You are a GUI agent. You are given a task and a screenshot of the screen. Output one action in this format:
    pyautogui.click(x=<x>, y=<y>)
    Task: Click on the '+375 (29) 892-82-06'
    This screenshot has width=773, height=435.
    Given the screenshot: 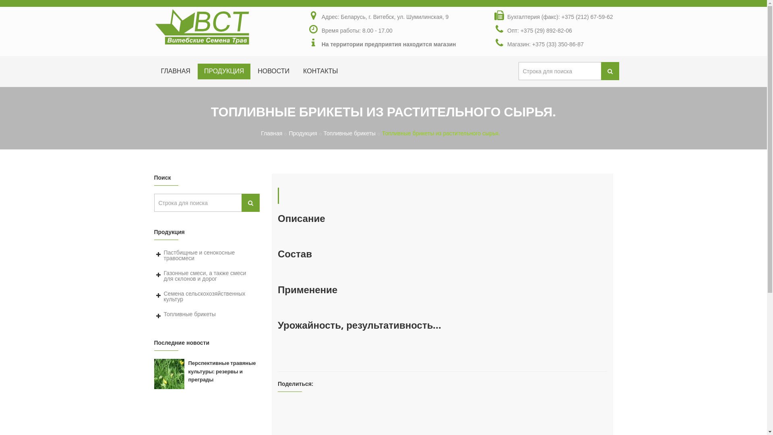 What is the action you would take?
    pyautogui.click(x=520, y=30)
    